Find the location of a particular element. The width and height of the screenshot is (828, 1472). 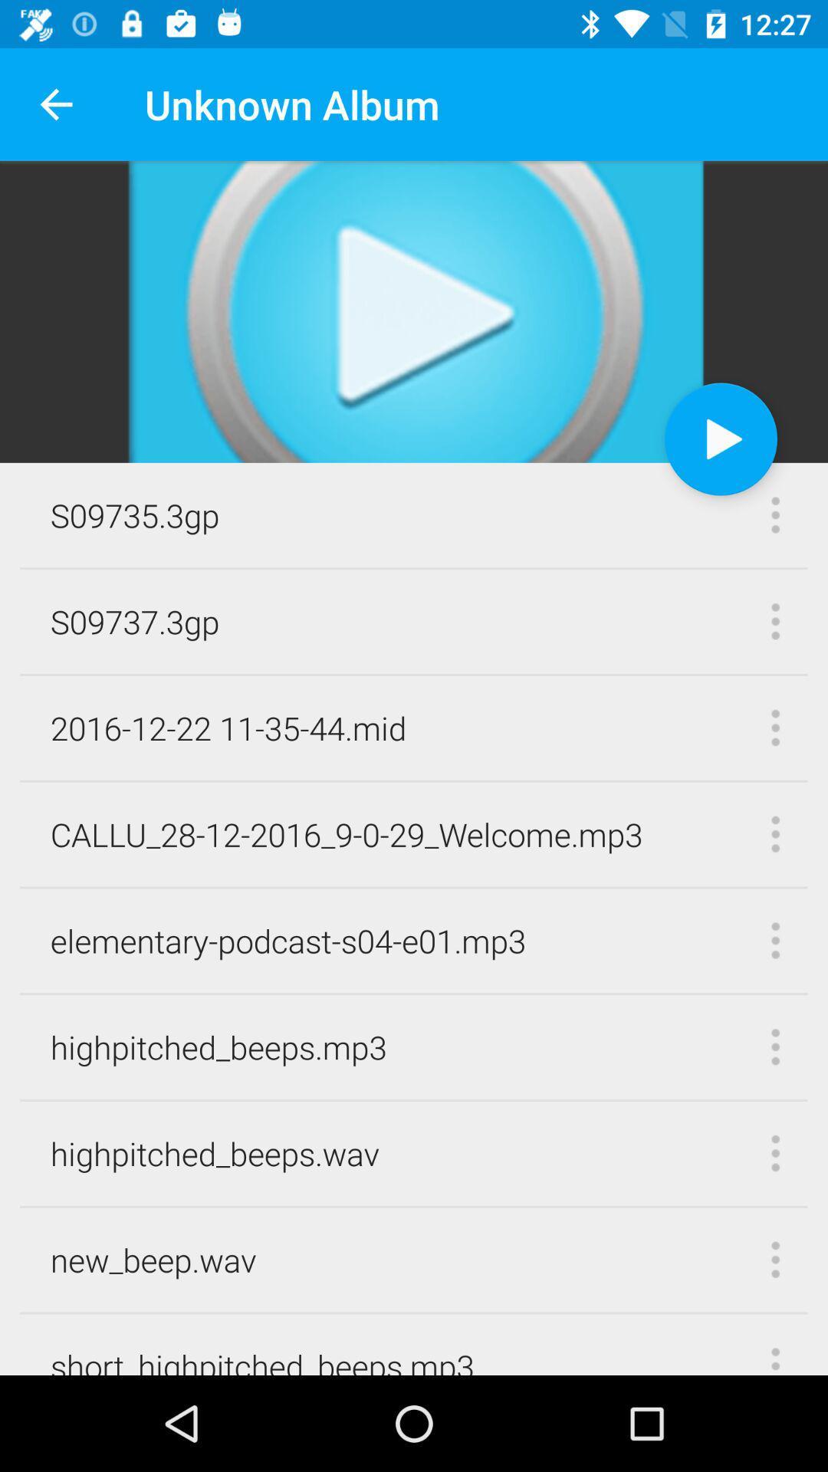

s09735.3gp icon is located at coordinates (134, 515).